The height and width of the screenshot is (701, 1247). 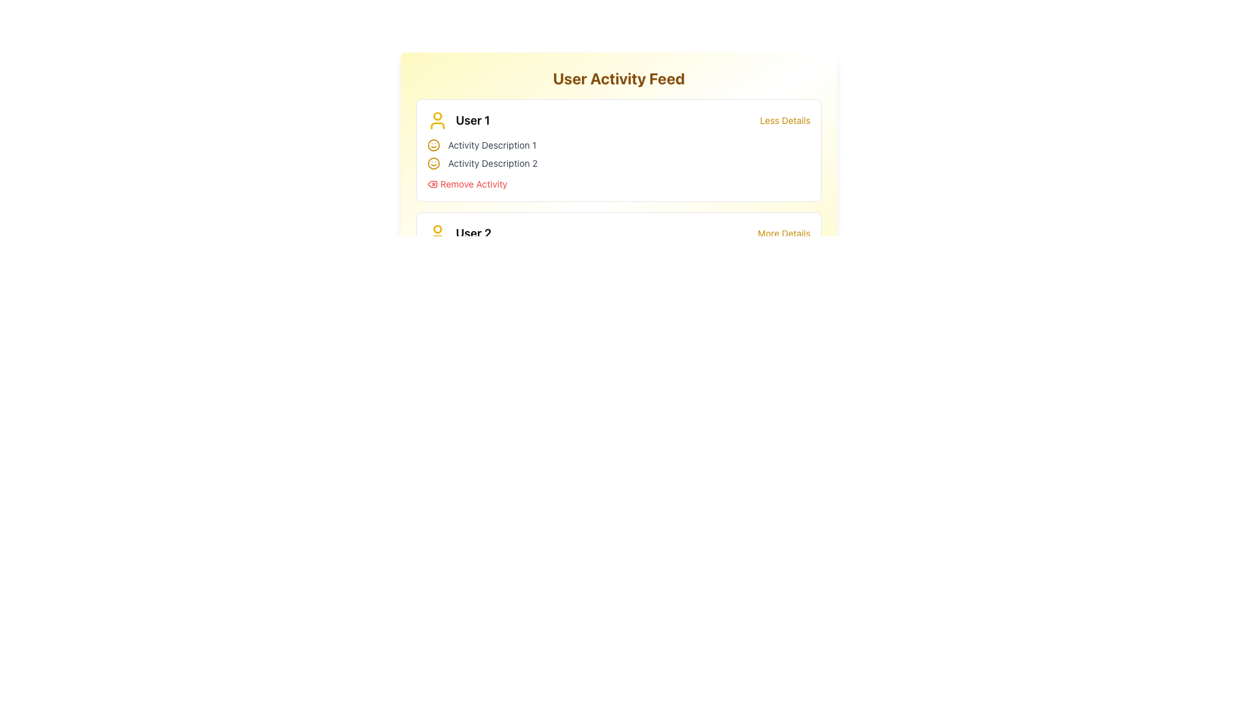 I want to click on the left-pointing curved triangular icon next to the 'Remove Activity' text in the first user's activity section, so click(x=433, y=184).